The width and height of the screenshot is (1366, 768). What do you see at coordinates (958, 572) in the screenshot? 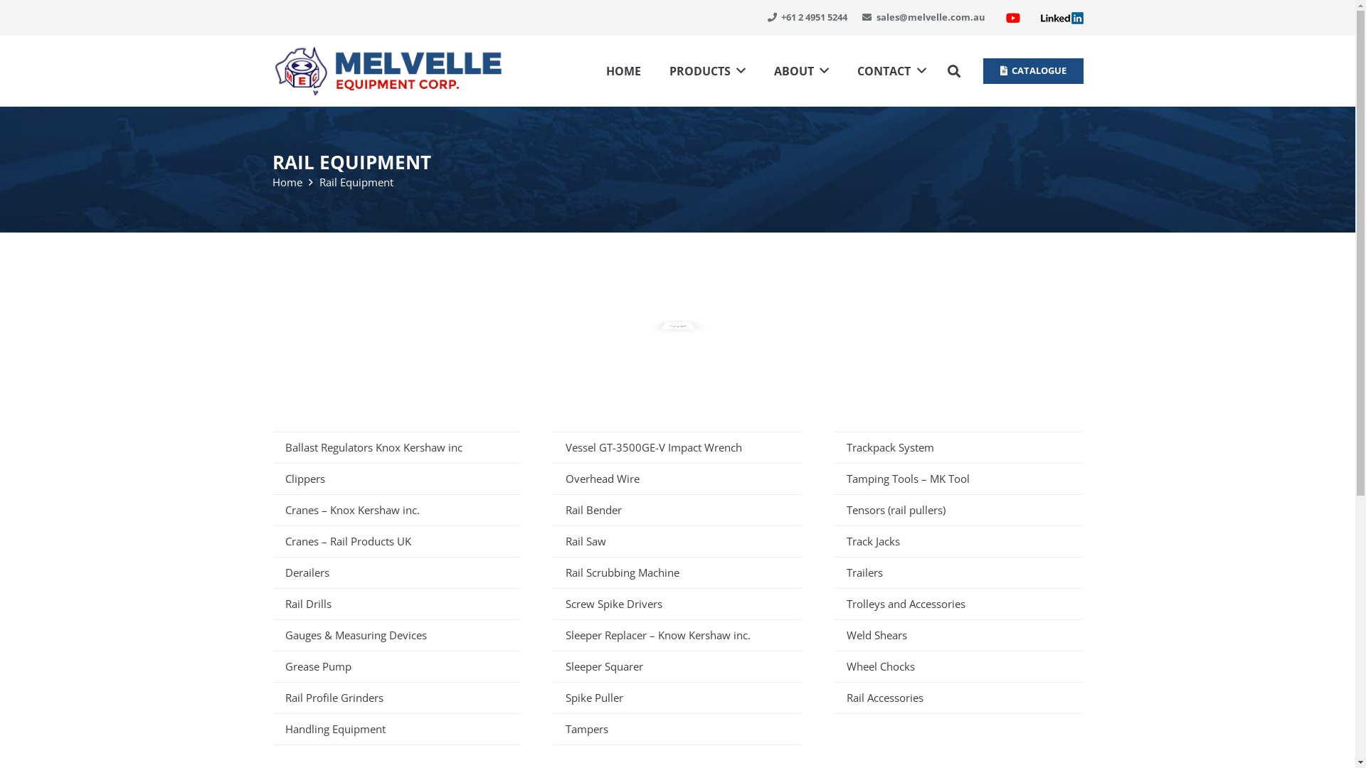
I see `'Trailers'` at bounding box center [958, 572].